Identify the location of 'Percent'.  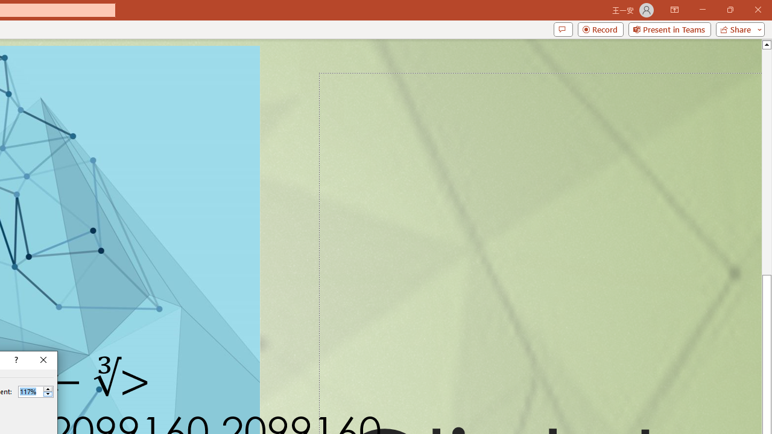
(36, 392).